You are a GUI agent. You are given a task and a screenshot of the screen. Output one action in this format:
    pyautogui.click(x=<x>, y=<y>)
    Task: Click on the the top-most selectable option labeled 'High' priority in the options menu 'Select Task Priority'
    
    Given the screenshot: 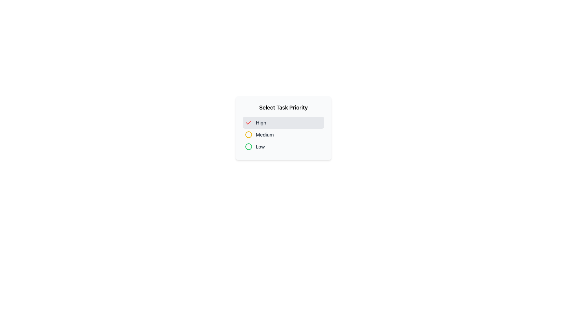 What is the action you would take?
    pyautogui.click(x=283, y=122)
    